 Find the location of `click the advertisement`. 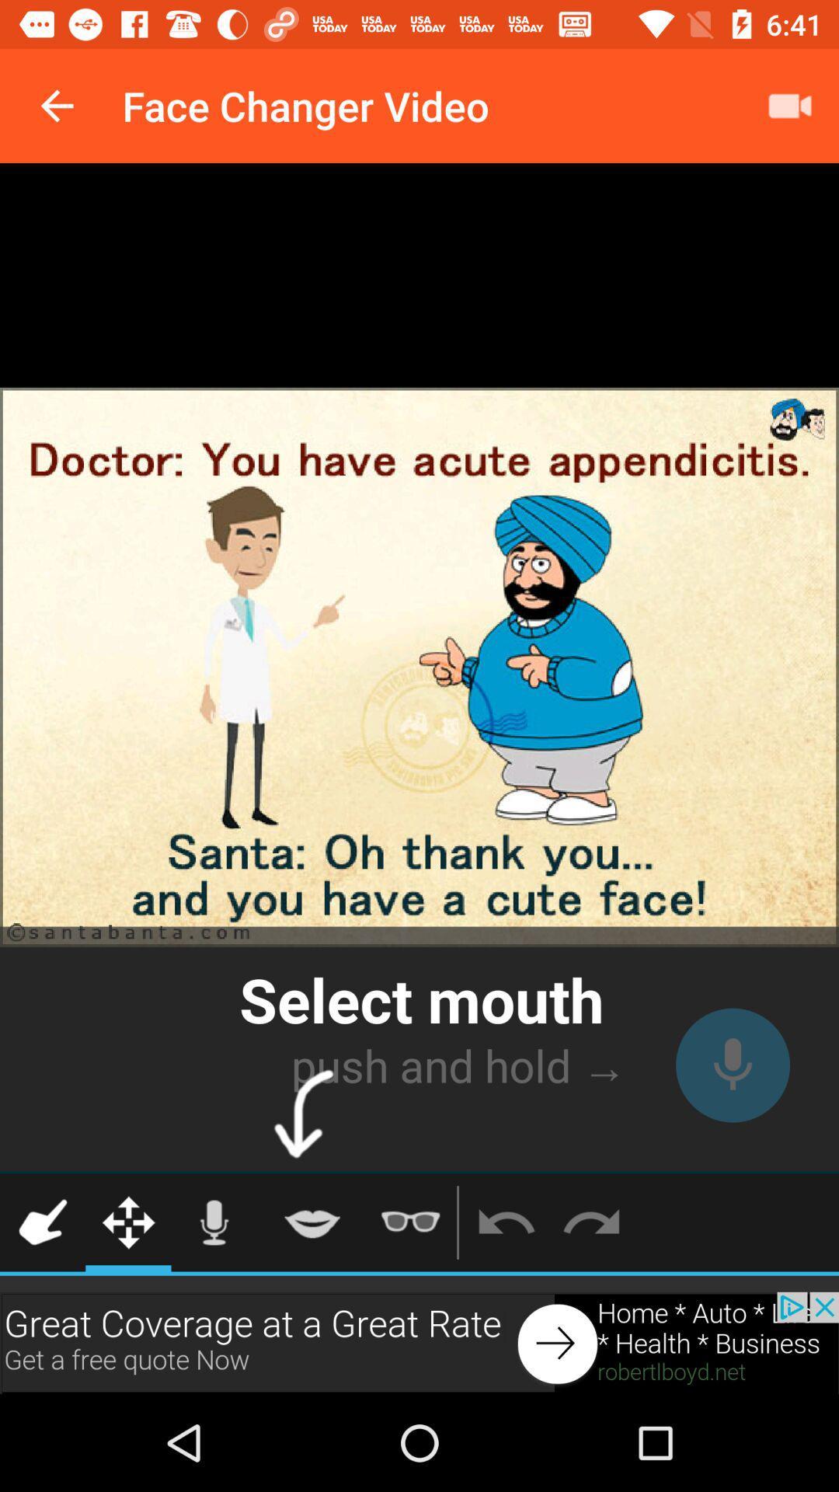

click the advertisement is located at coordinates (419, 1342).